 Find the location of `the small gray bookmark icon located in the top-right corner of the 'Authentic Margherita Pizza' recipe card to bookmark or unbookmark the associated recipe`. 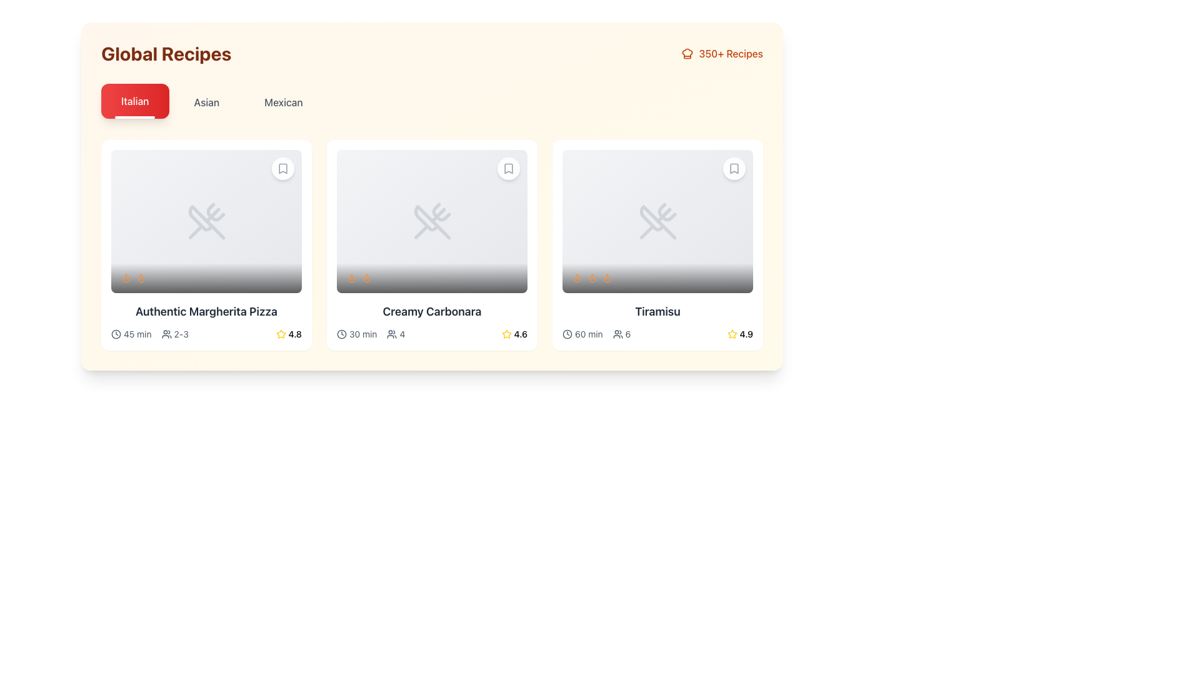

the small gray bookmark icon located in the top-right corner of the 'Authentic Margherita Pizza' recipe card to bookmark or unbookmark the associated recipe is located at coordinates (282, 169).